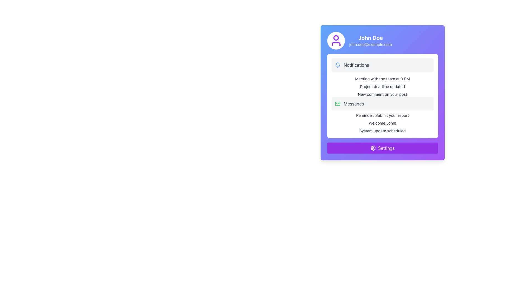  What do you see at coordinates (382, 94) in the screenshot?
I see `the static text displaying 'New comment on your post' located in the Notifications section, which is the third item in a vertical list` at bounding box center [382, 94].